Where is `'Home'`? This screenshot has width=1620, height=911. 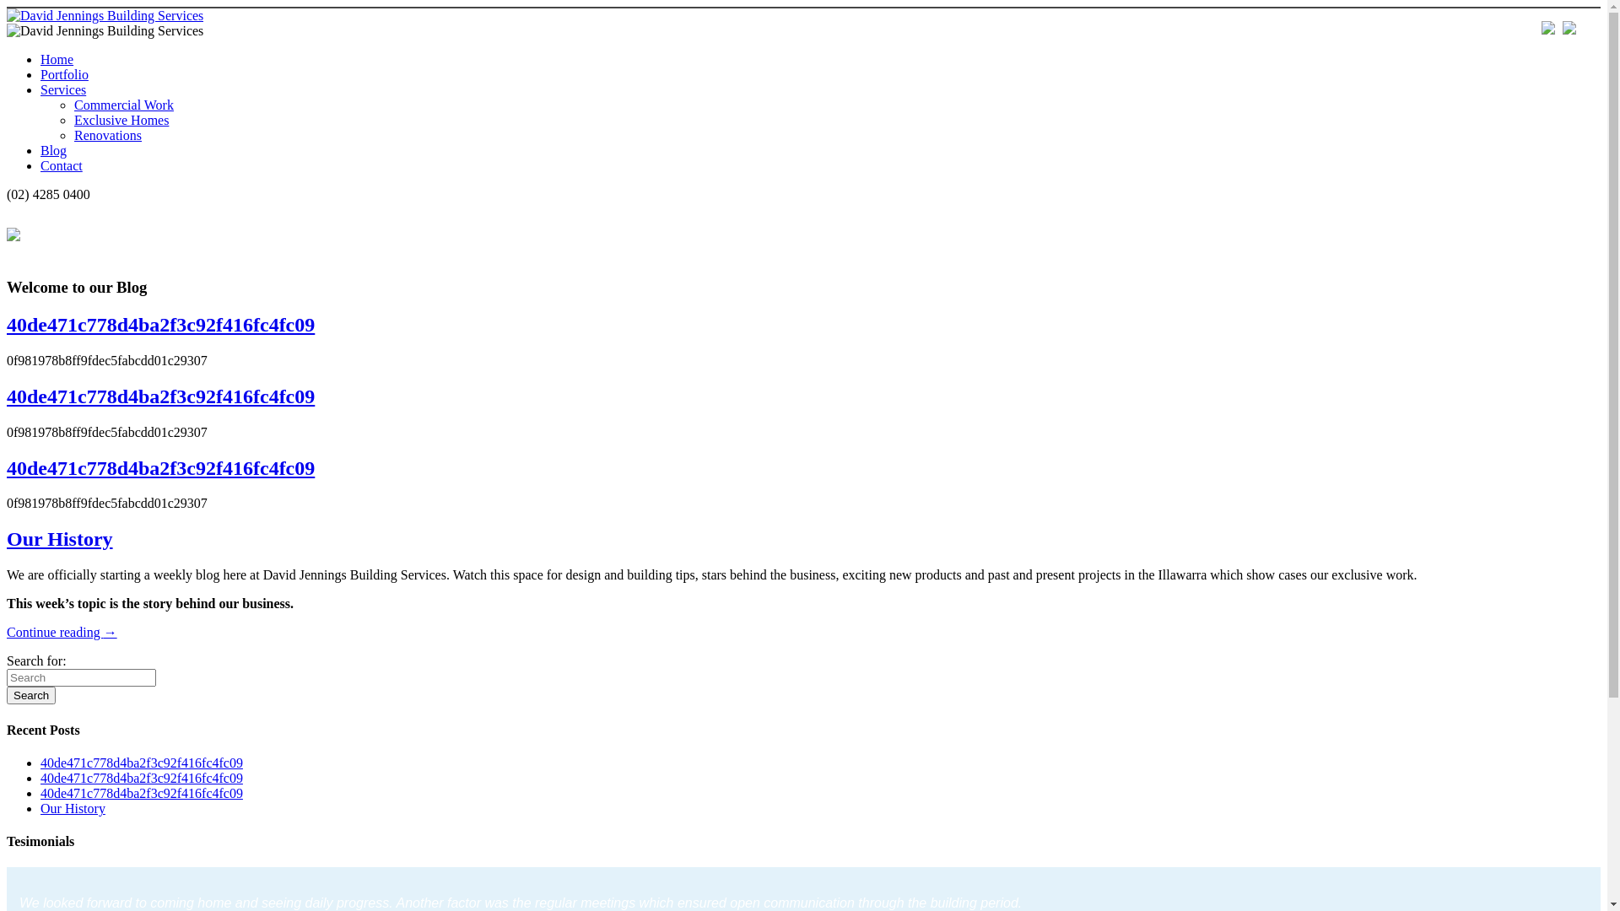 'Home' is located at coordinates (57, 58).